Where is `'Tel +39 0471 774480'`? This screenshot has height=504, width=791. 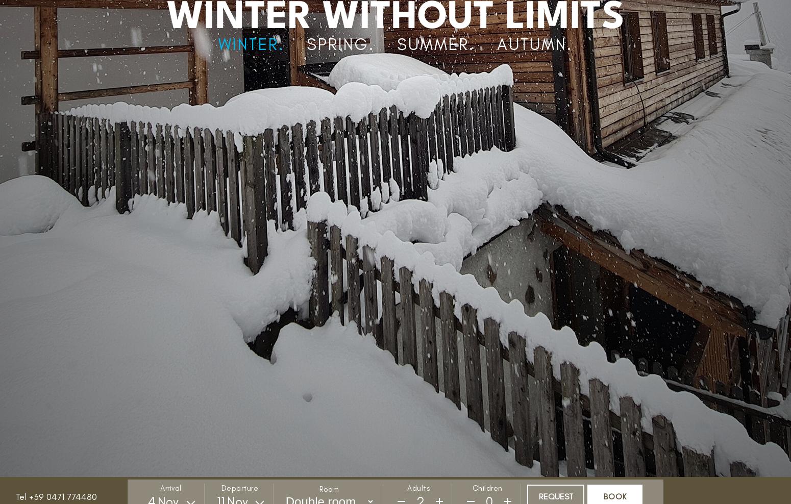 'Tel +39 0471 774480' is located at coordinates (56, 496).